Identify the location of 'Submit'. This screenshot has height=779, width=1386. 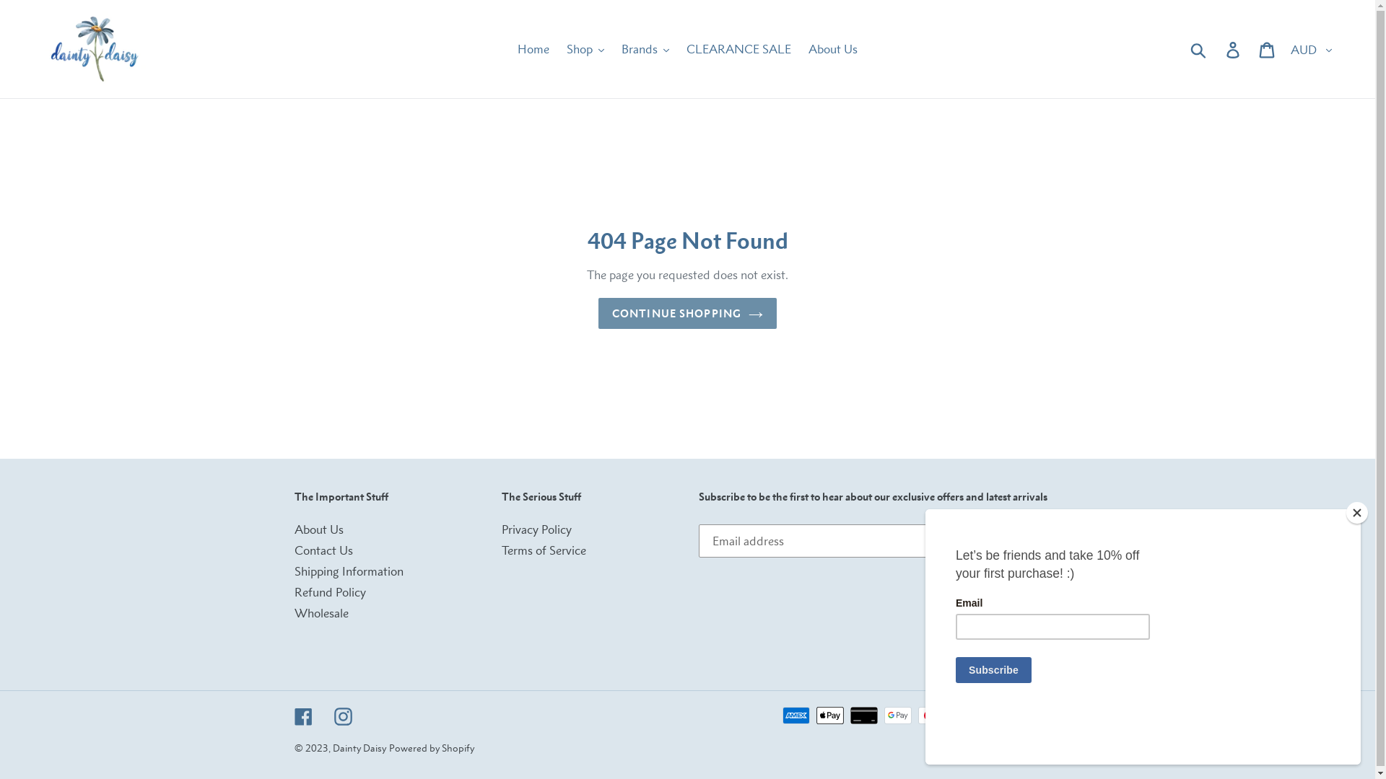
(1199, 48).